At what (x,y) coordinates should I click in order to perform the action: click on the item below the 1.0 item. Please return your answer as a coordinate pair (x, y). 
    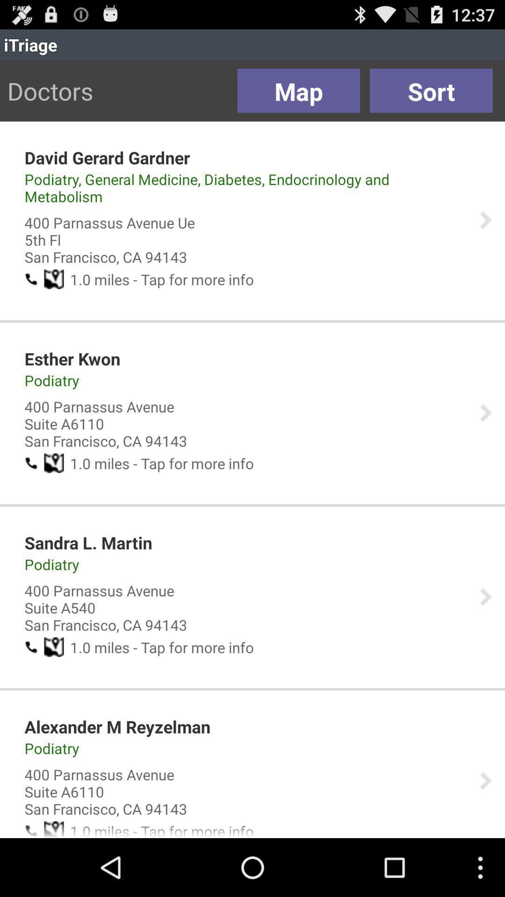
    Looking at the image, I should click on (72, 358).